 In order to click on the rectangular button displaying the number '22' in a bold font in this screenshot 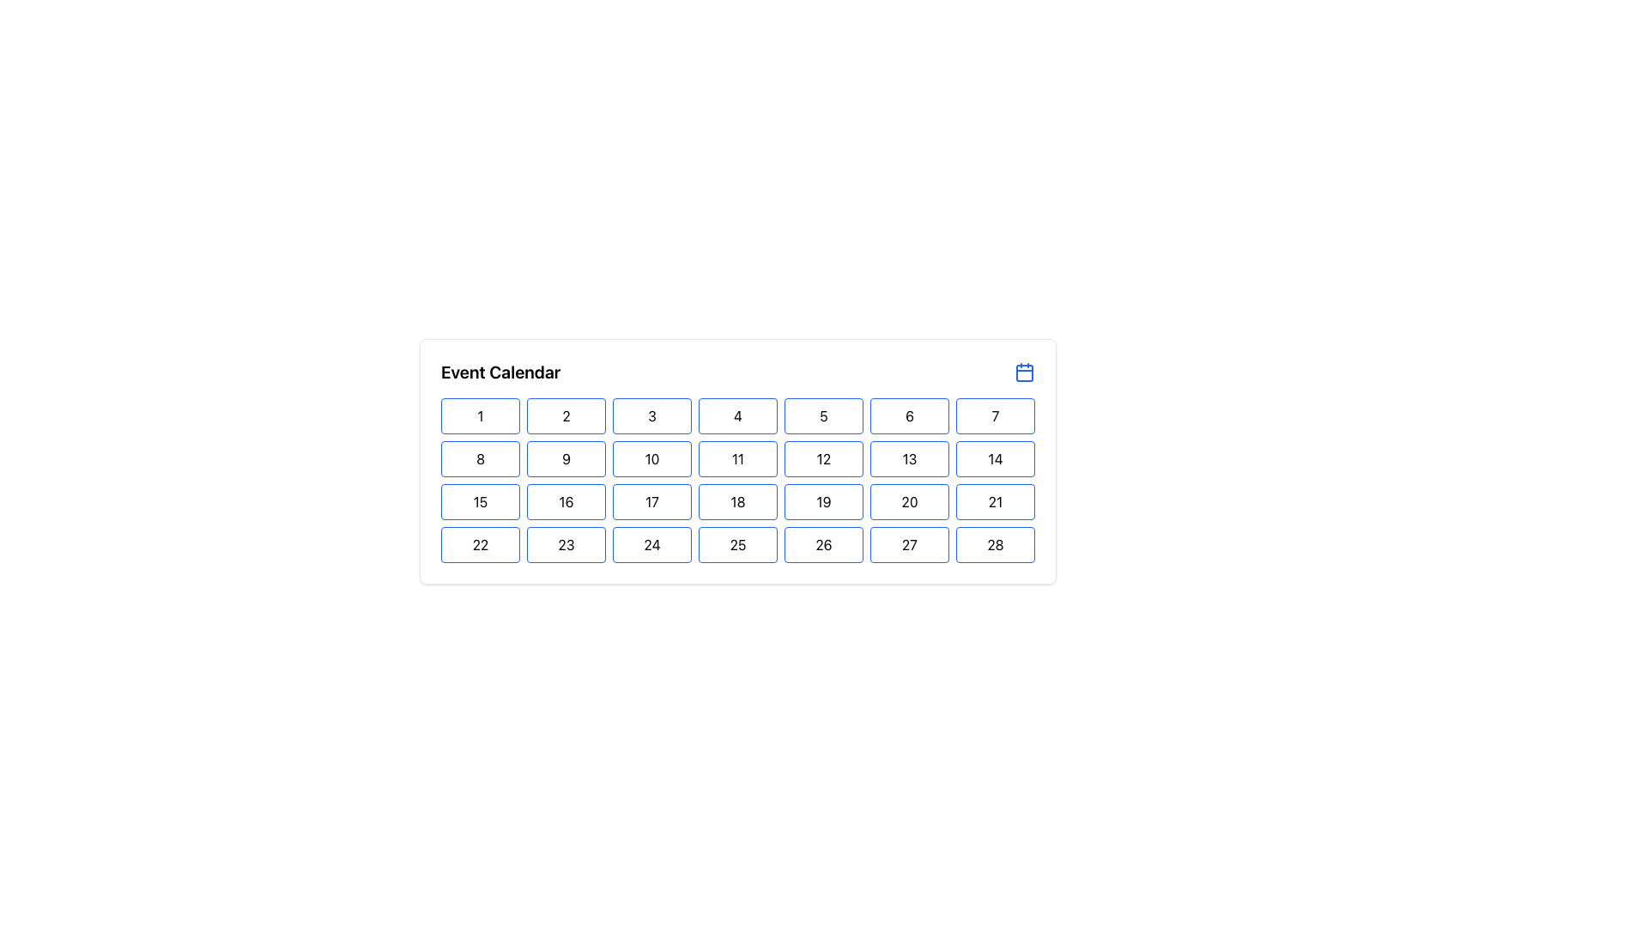, I will do `click(481, 545)`.